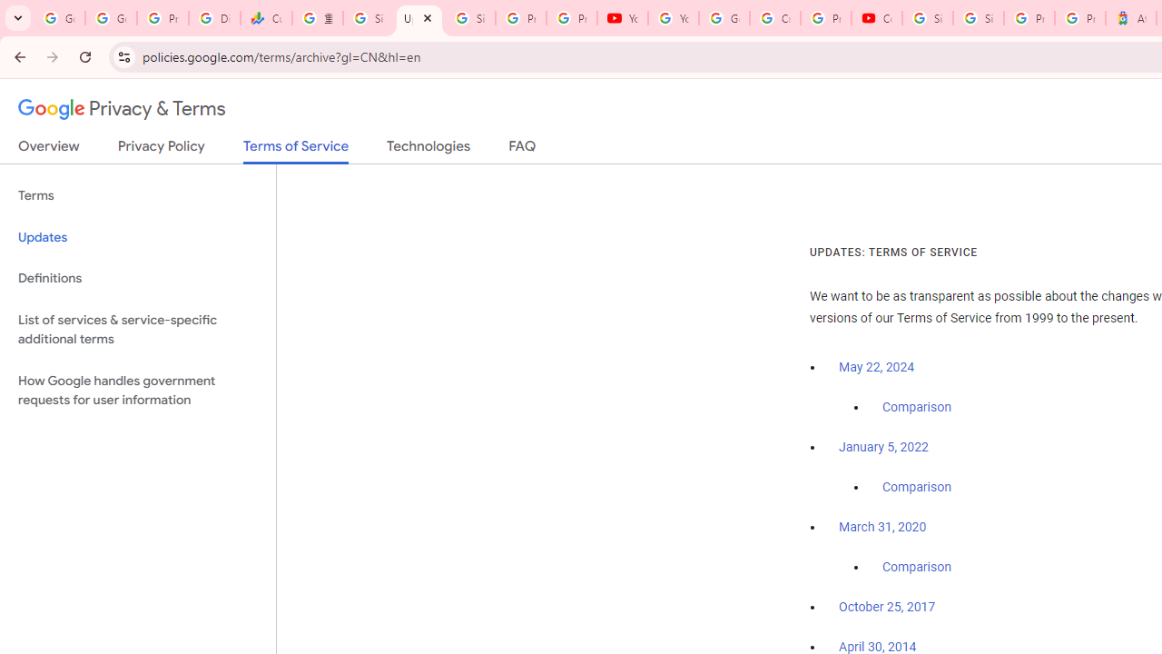  Describe the element at coordinates (724, 18) in the screenshot. I see `'Google Account Help'` at that location.